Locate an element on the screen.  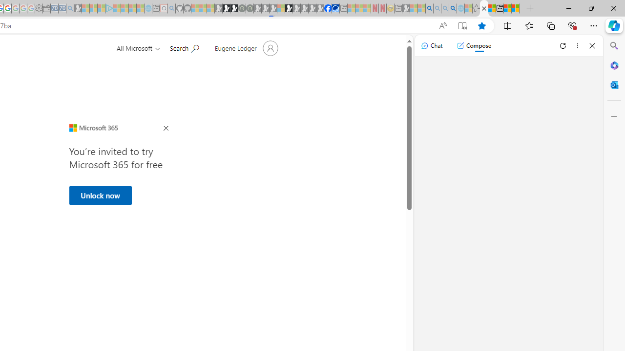
'Sign in to your account - Sleeping' is located at coordinates (280, 8).